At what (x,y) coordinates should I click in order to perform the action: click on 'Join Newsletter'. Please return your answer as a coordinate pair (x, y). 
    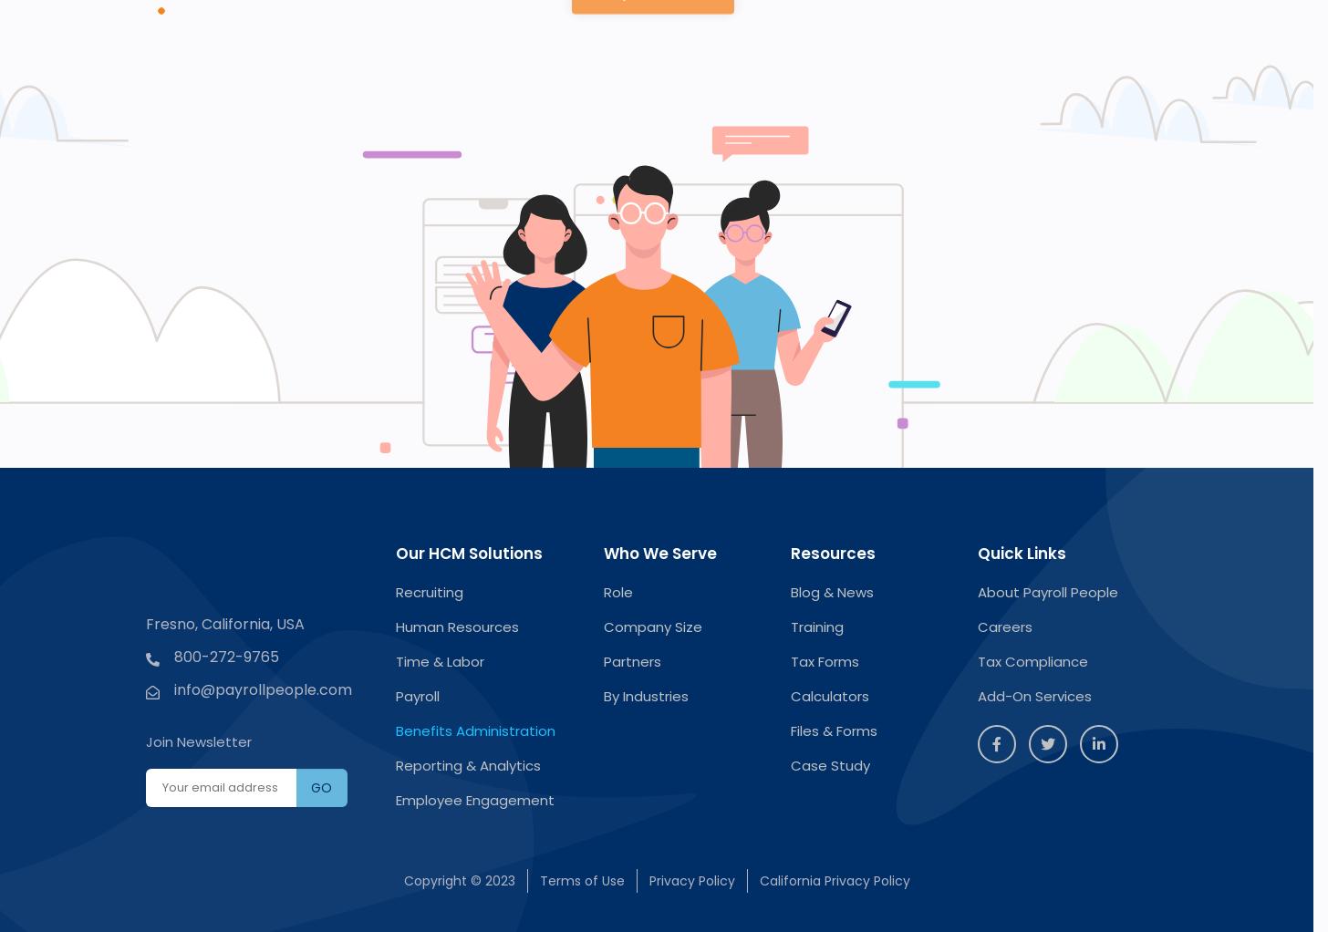
    Looking at the image, I should click on (198, 740).